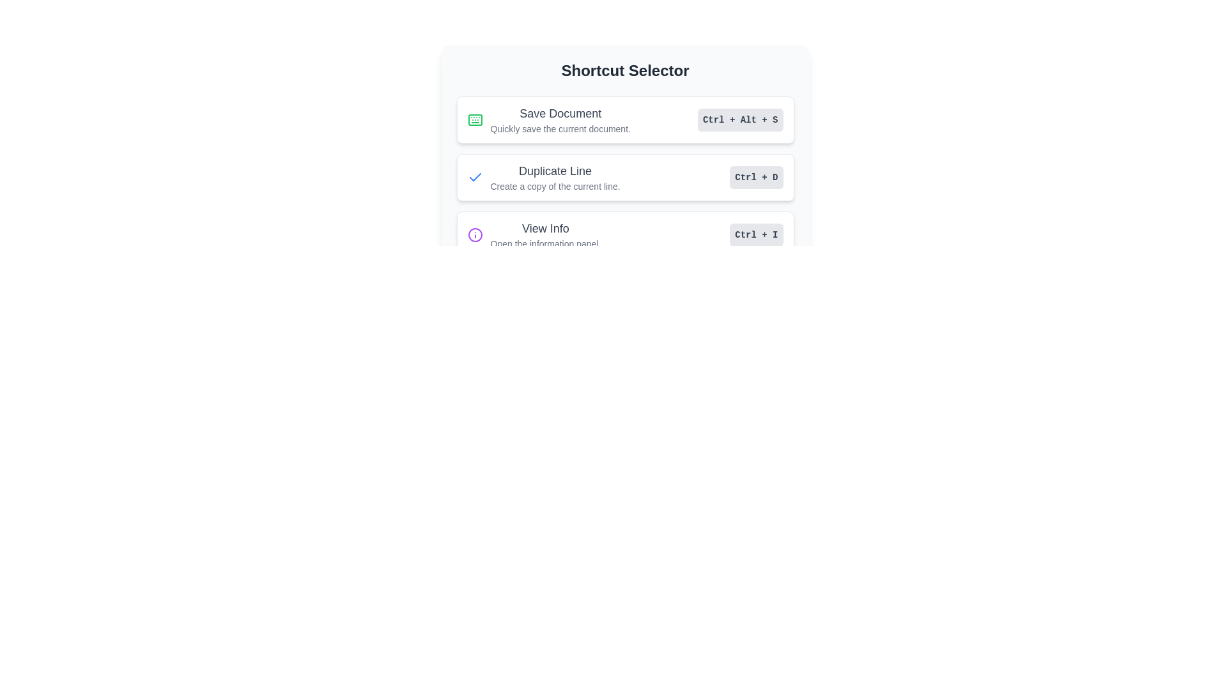 The width and height of the screenshot is (1227, 690). I want to click on the descriptive Text label located just below the 'View Info' header, so click(545, 243).